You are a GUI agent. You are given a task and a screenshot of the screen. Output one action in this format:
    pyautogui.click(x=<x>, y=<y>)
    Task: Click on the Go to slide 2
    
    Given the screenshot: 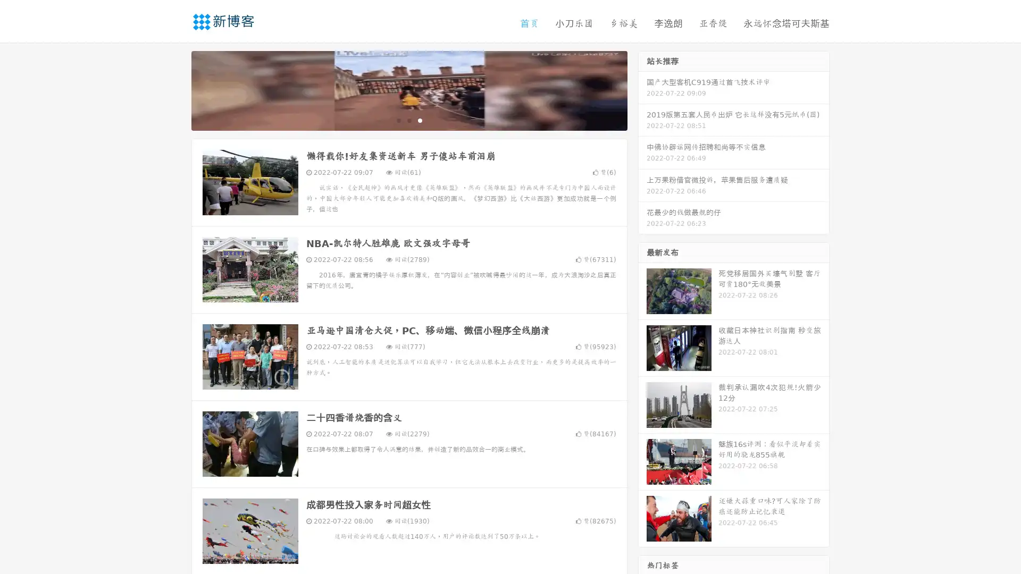 What is the action you would take?
    pyautogui.click(x=408, y=120)
    